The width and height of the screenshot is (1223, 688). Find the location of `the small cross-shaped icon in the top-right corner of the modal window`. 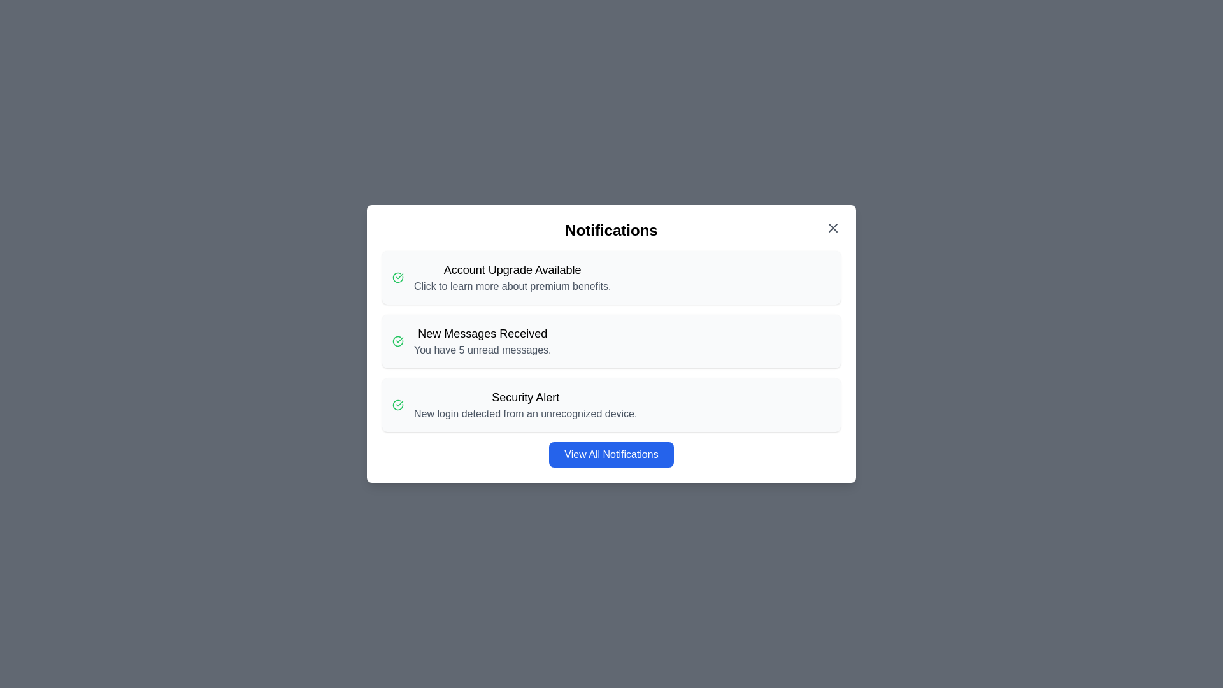

the small cross-shaped icon in the top-right corner of the modal window is located at coordinates (833, 227).